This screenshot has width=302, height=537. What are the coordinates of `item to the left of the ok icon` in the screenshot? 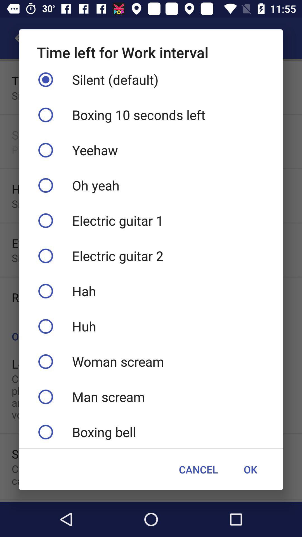 It's located at (198, 469).